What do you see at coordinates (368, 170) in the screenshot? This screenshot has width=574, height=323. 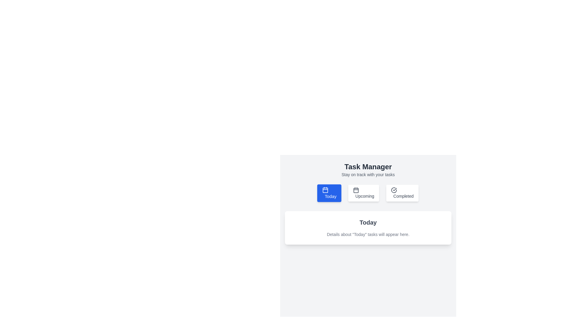 I see `the 'Task Manager' static text element, which features a bold title and smaller supportive text, located centrally above the buttons 'Today', 'Upcoming', and 'Completed'` at bounding box center [368, 170].